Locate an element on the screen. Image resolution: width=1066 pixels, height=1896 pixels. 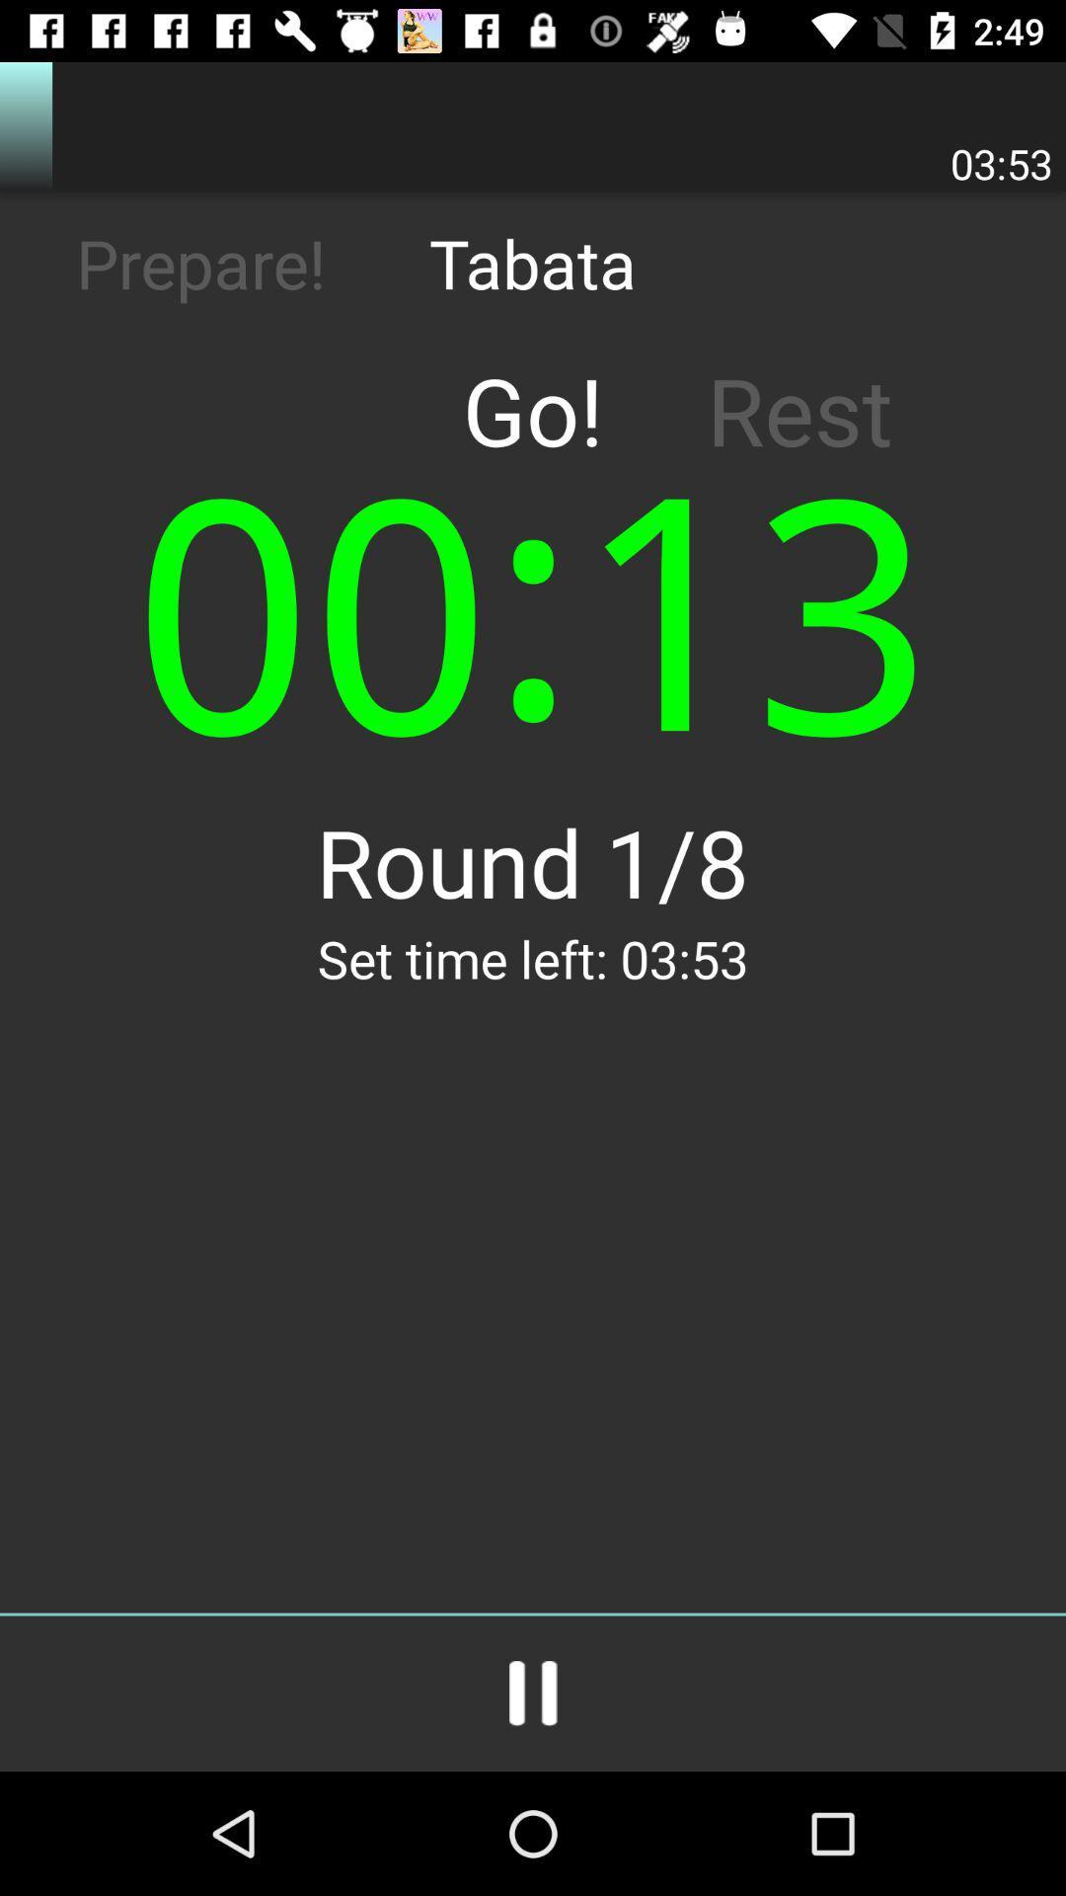
stop is located at coordinates (533, 1693).